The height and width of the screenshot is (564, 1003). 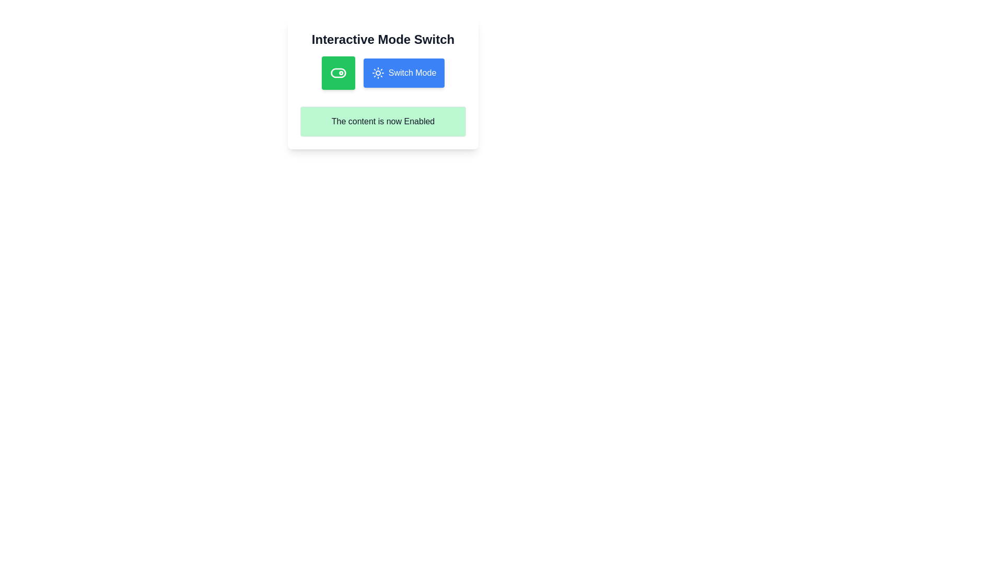 I want to click on the sun-shaped icon located to the left of the blue 'Switch Mode' button, which has a thin white outline and is centered above a light blue rectangular background, so click(x=377, y=72).